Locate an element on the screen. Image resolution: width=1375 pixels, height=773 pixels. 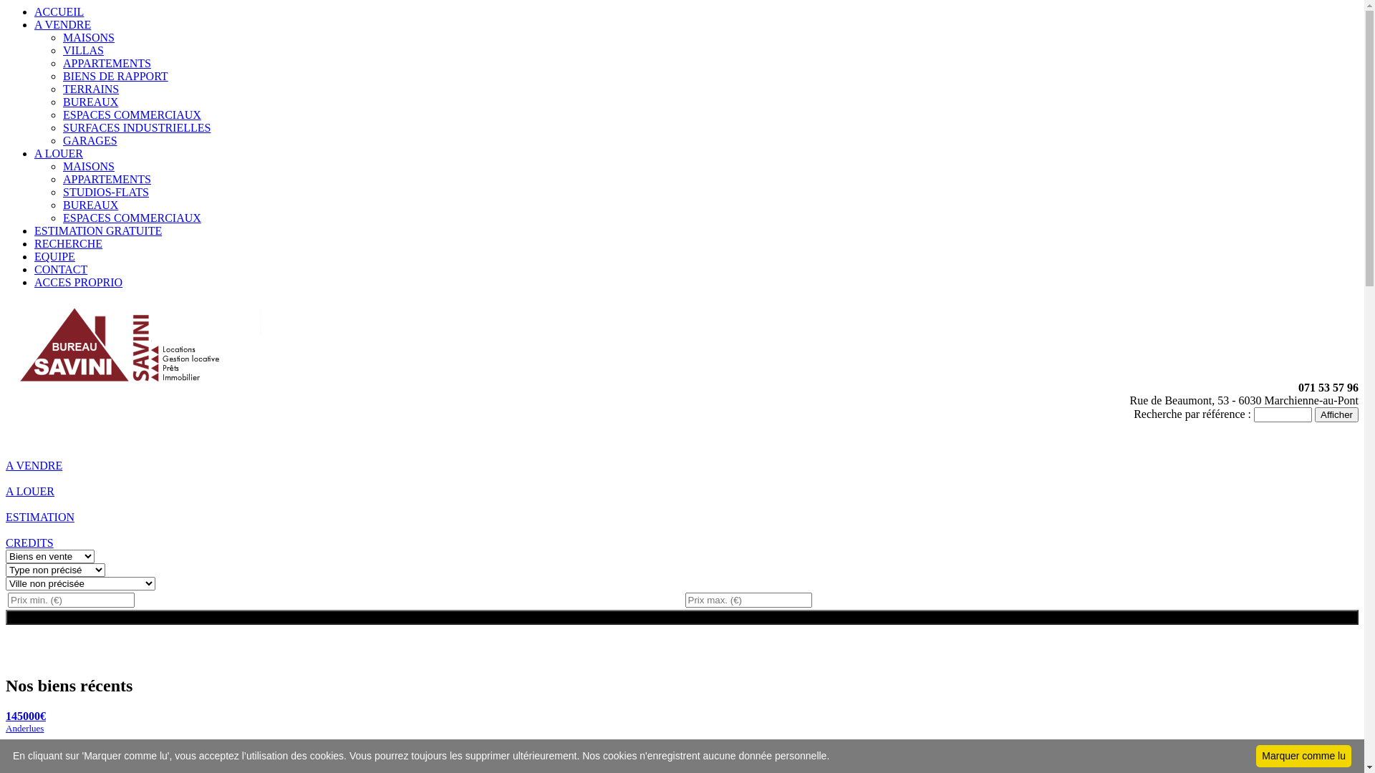
'ESPACES COMMERCIAUX' is located at coordinates (132, 218).